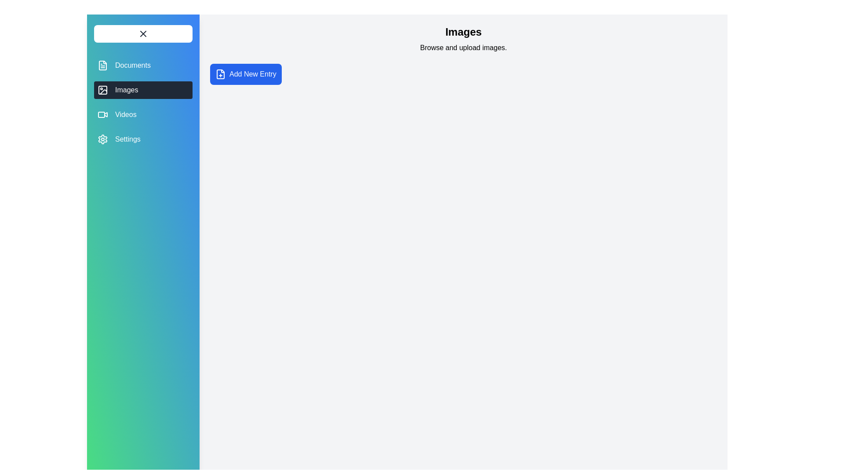 The height and width of the screenshot is (475, 844). Describe the element at coordinates (143, 90) in the screenshot. I see `the Images tab from the navigation menu` at that location.